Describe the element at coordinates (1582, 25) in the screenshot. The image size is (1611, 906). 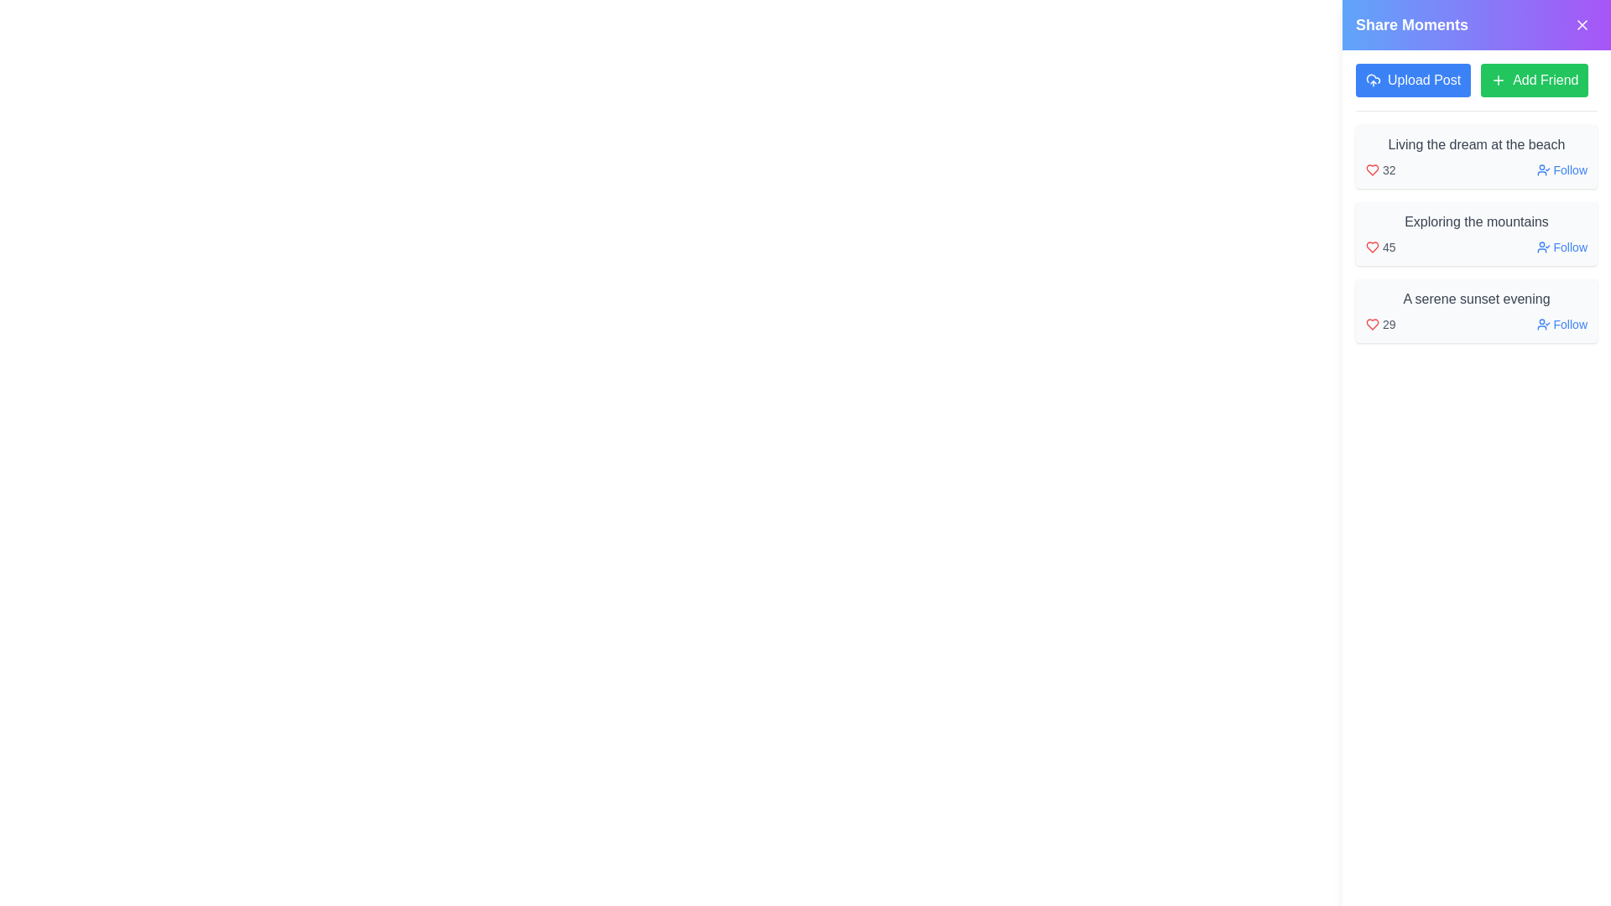
I see `the close or dismiss button located at the far top-right corner of the purple header in the 'Share Moments' panel` at that location.